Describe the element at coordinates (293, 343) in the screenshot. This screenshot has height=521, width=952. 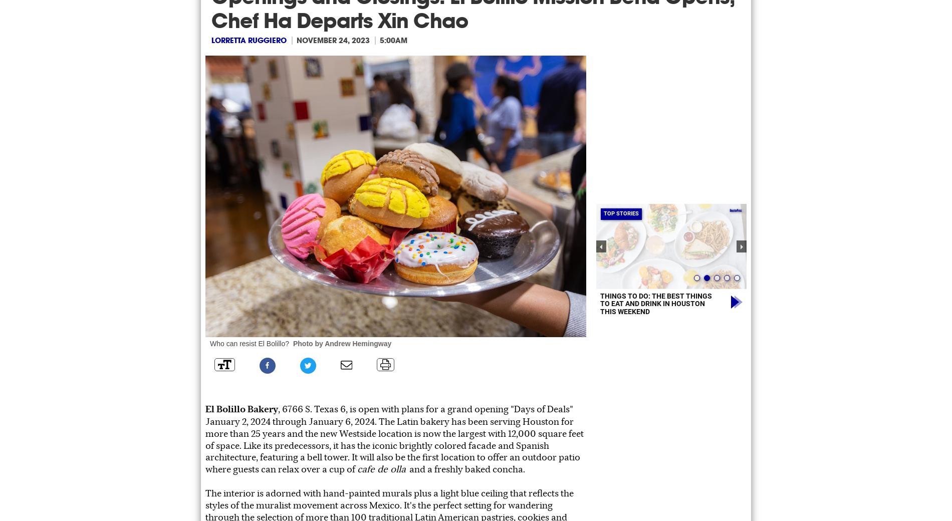
I see `'Photo by Andrew Hemingway'` at that location.